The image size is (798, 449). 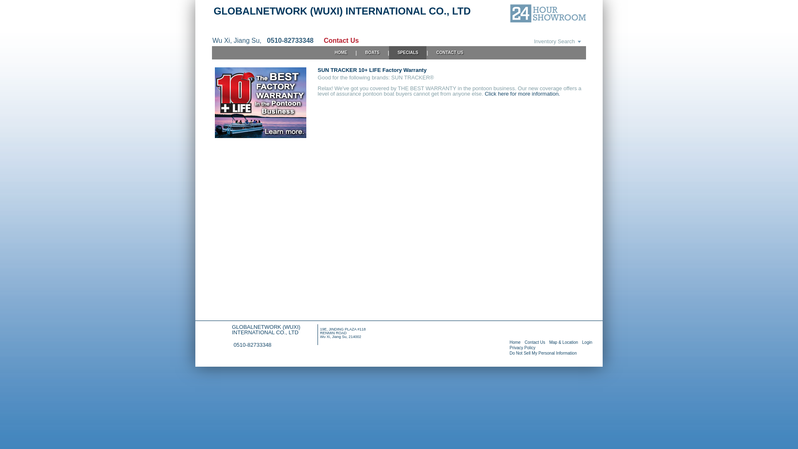 What do you see at coordinates (341, 53) in the screenshot?
I see `'HOME'` at bounding box center [341, 53].